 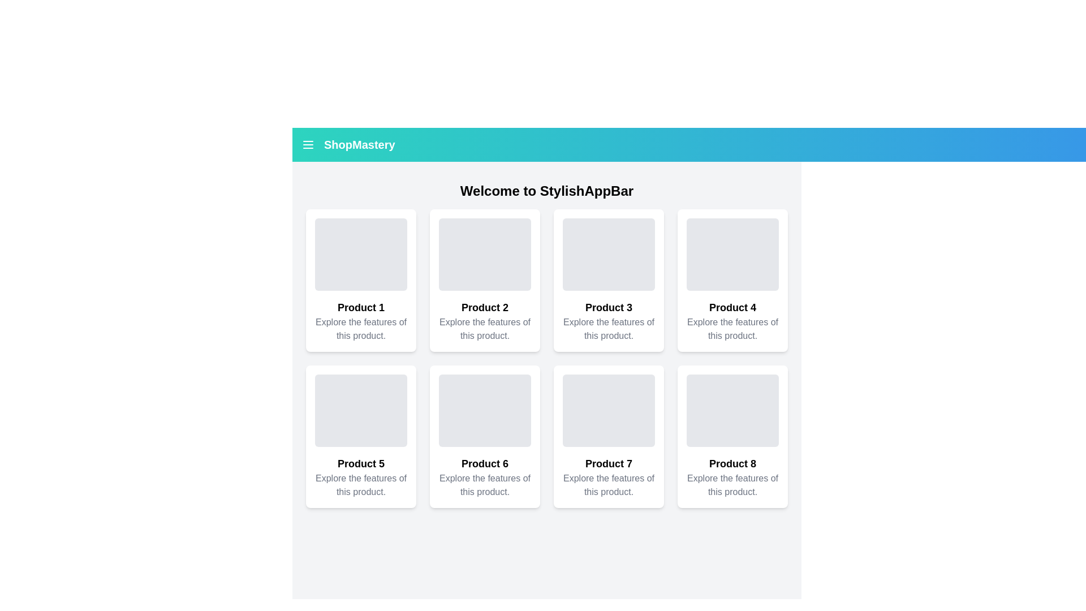 What do you see at coordinates (608, 329) in the screenshot?
I see `the text label displaying 'Explore the features of this product.' located below the 'Product 3' section` at bounding box center [608, 329].